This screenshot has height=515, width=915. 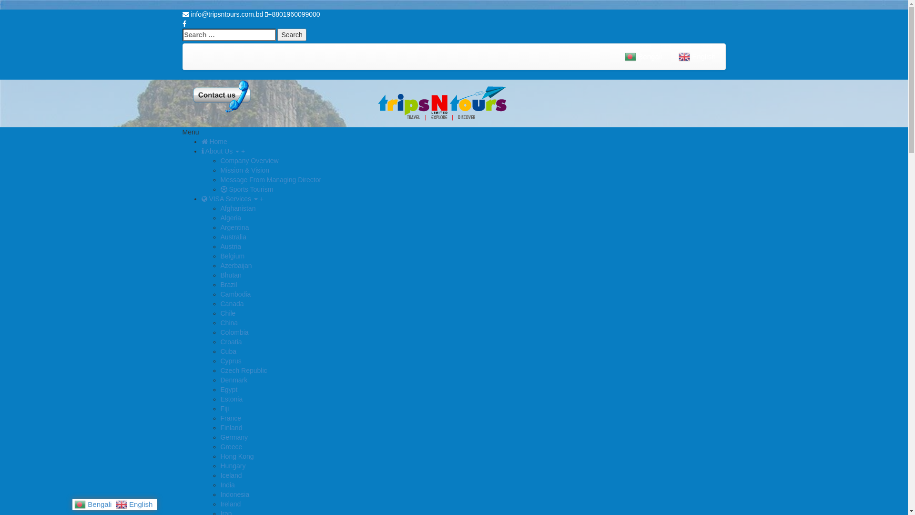 What do you see at coordinates (229, 390) in the screenshot?
I see `'Egypt'` at bounding box center [229, 390].